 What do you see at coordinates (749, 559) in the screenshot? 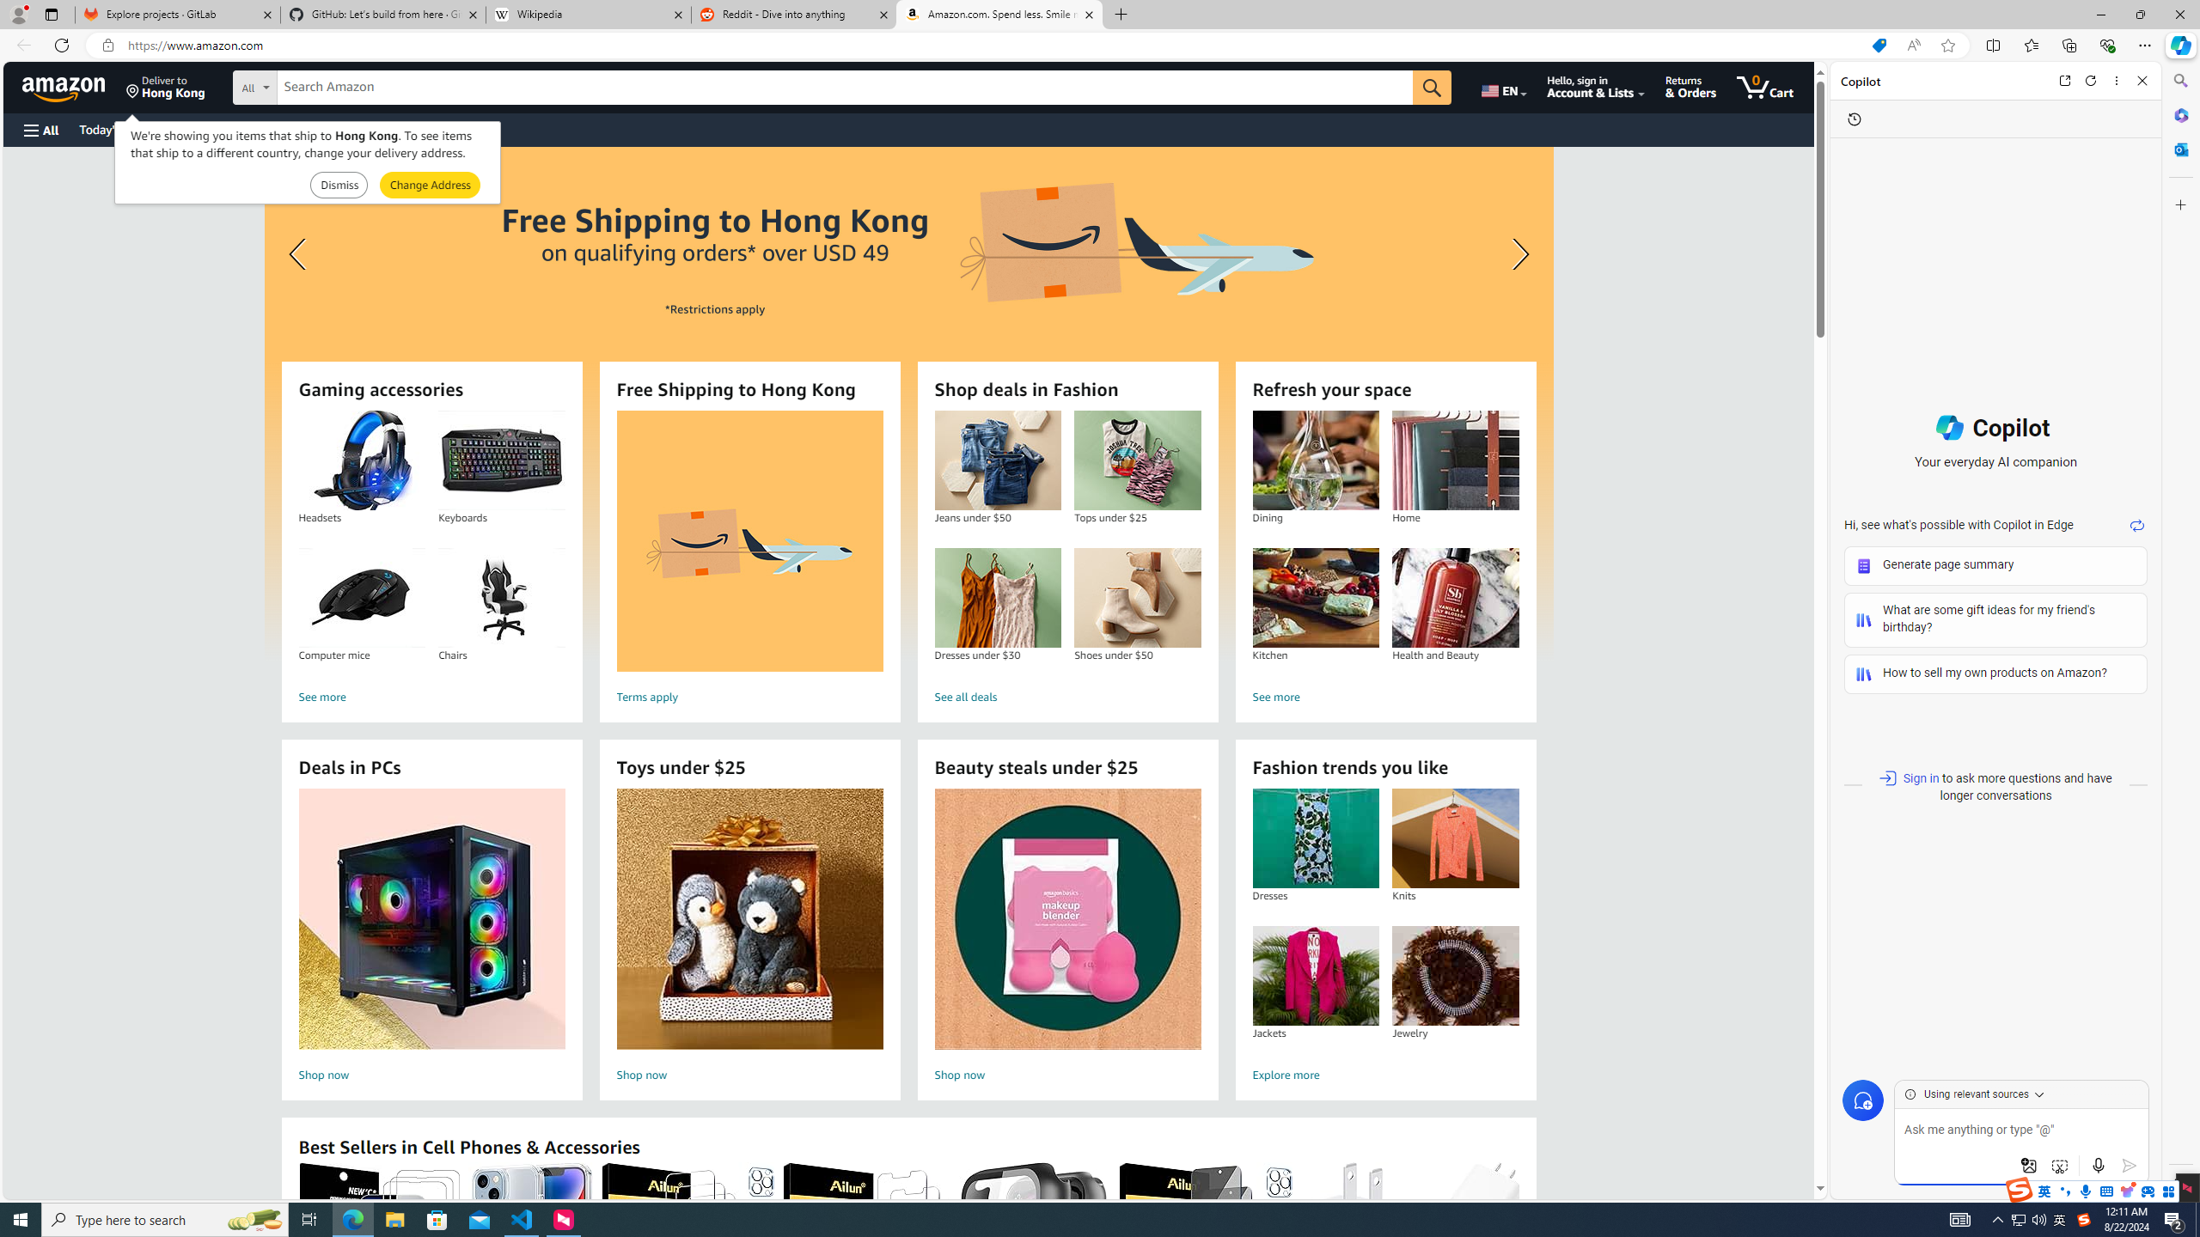
I see `'Free Shipping to Hong Kong Terms apply'` at bounding box center [749, 559].